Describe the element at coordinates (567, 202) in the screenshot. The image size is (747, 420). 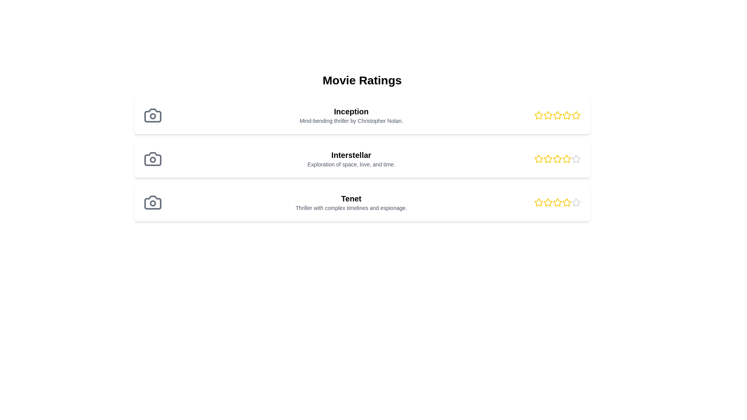
I see `the fifth star in the rating section of the 'Tenet' movie entry` at that location.